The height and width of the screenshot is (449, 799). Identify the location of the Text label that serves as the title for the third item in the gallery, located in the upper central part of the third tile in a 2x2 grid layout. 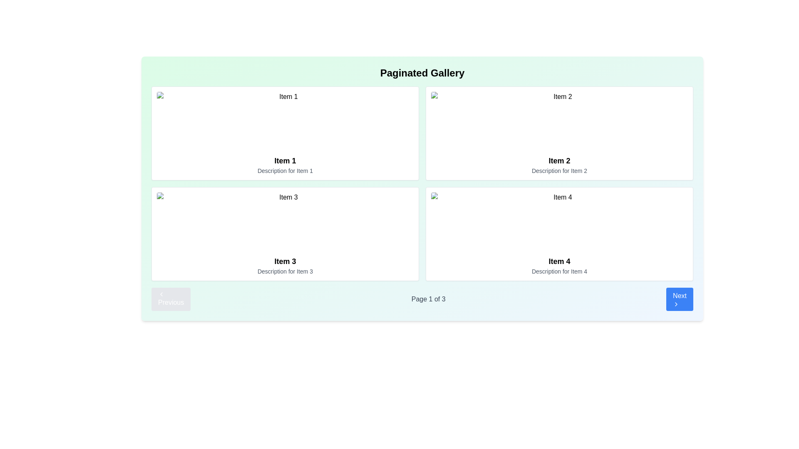
(285, 261).